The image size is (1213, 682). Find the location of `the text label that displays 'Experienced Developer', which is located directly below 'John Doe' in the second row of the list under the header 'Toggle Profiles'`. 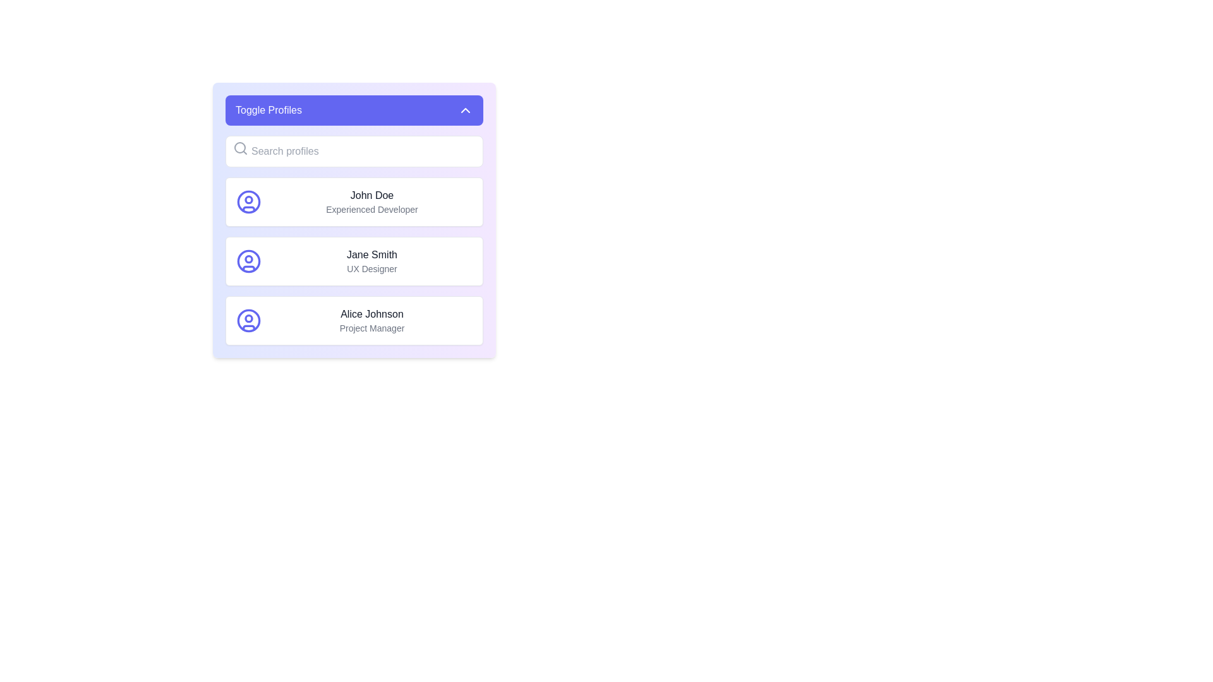

the text label that displays 'Experienced Developer', which is located directly below 'John Doe' in the second row of the list under the header 'Toggle Profiles' is located at coordinates (371, 208).